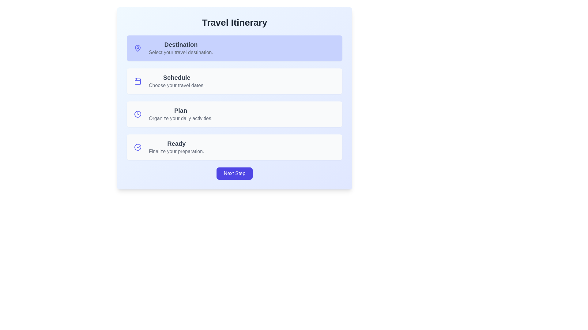 This screenshot has width=588, height=330. What do you see at coordinates (138, 48) in the screenshot?
I see `the teardrop-shaped map pin marker icon located to the left of the 'Destination' heading in the 'Travel Itinerary' section` at bounding box center [138, 48].